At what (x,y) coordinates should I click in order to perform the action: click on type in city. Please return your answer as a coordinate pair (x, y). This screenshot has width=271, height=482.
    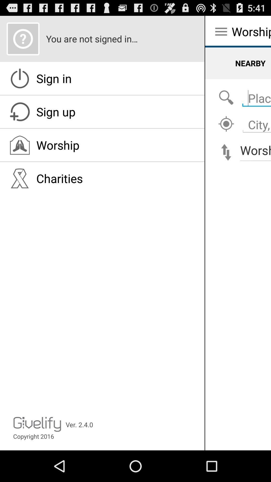
    Looking at the image, I should click on (255, 122).